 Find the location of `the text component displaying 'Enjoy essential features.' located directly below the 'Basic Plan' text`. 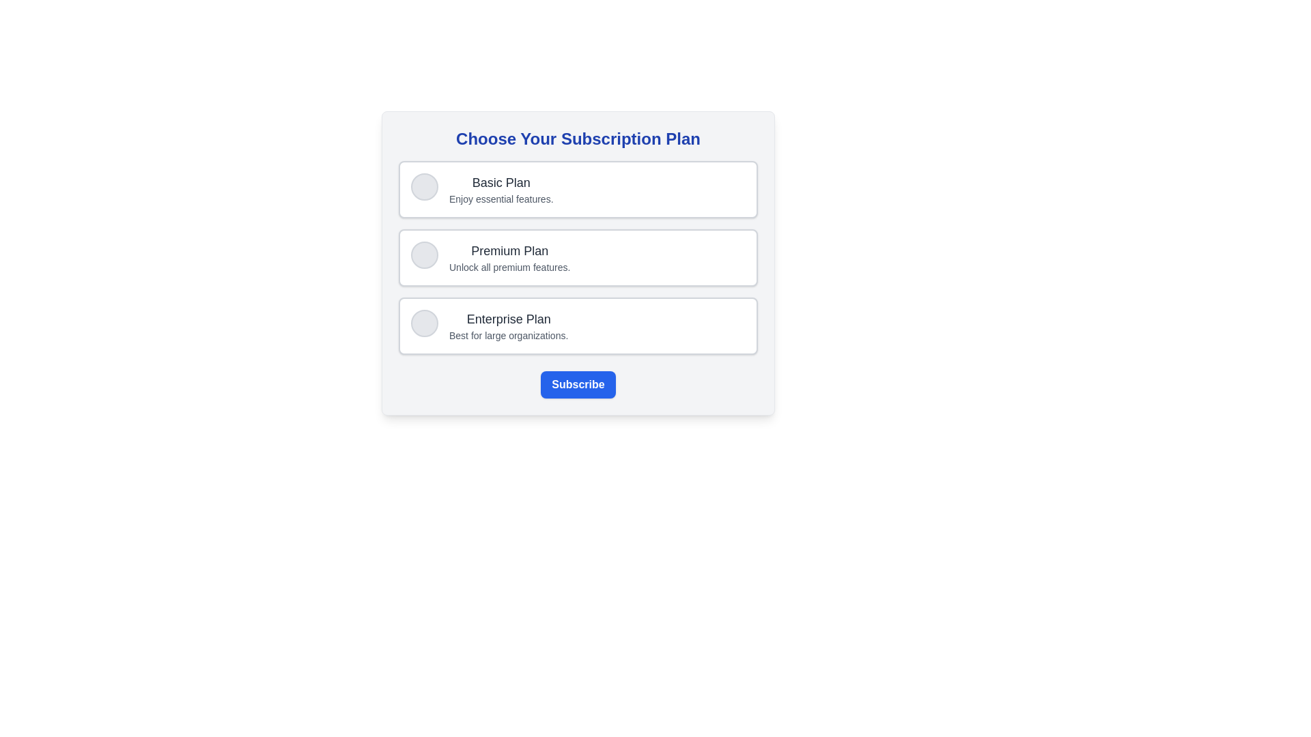

the text component displaying 'Enjoy essential features.' located directly below the 'Basic Plan' text is located at coordinates (501, 199).